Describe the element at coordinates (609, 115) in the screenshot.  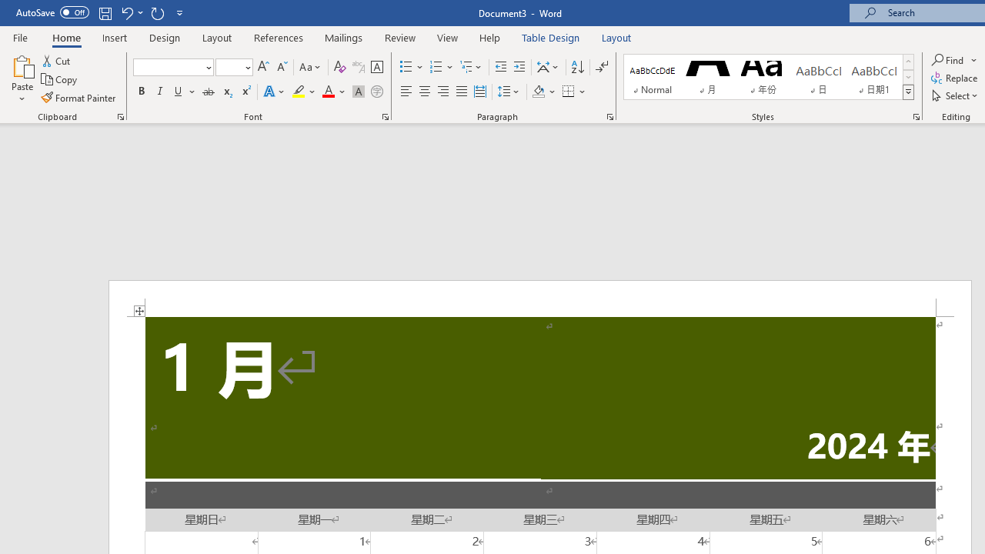
I see `'Paragraph...'` at that location.